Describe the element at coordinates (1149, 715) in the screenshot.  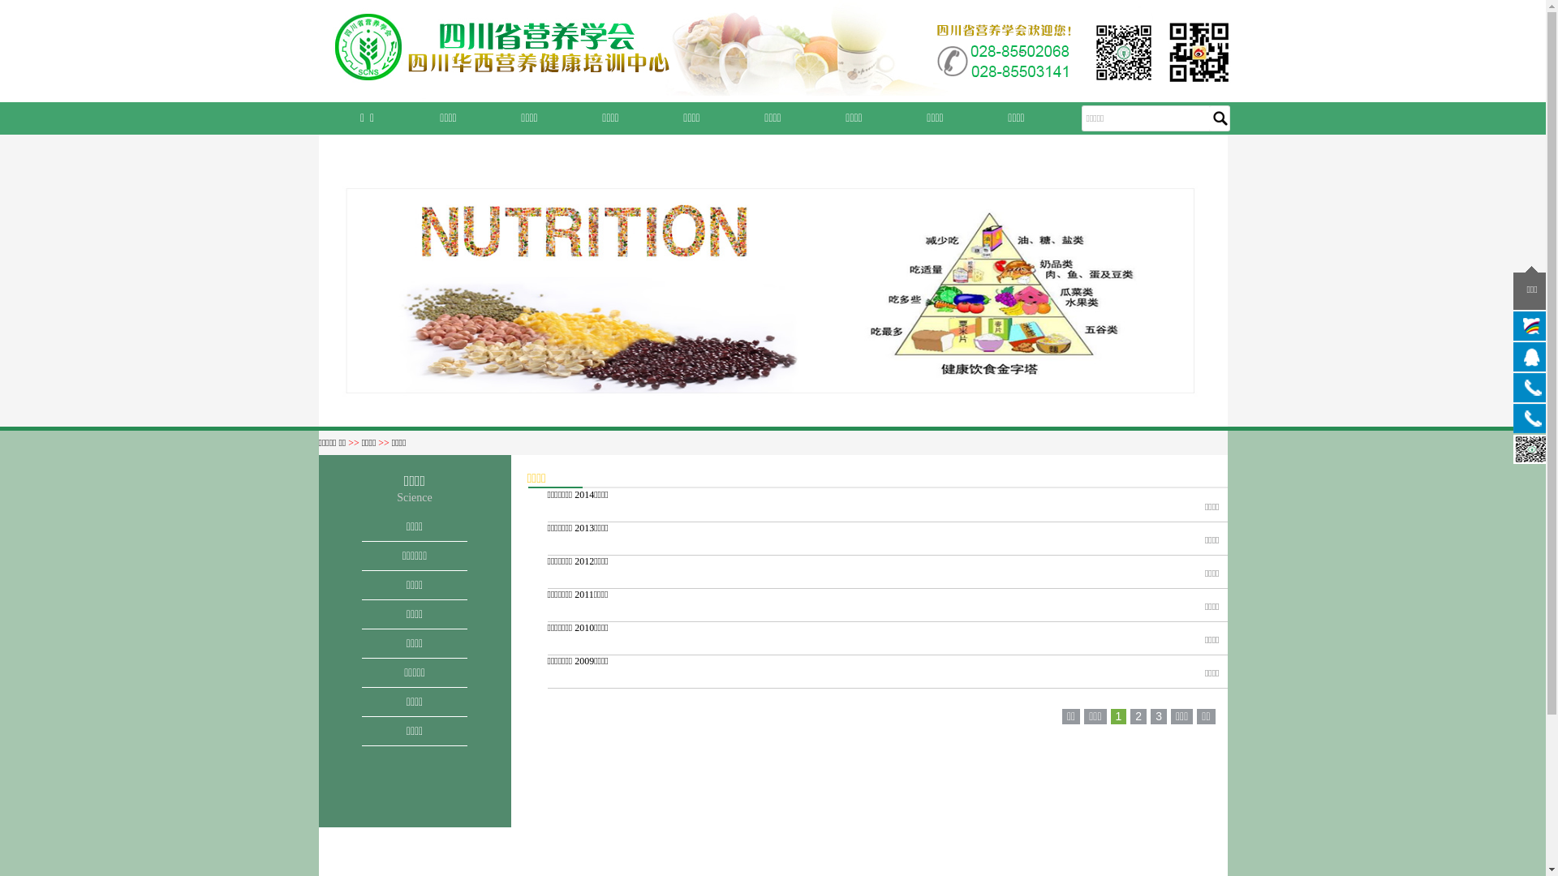
I see `'3'` at that location.